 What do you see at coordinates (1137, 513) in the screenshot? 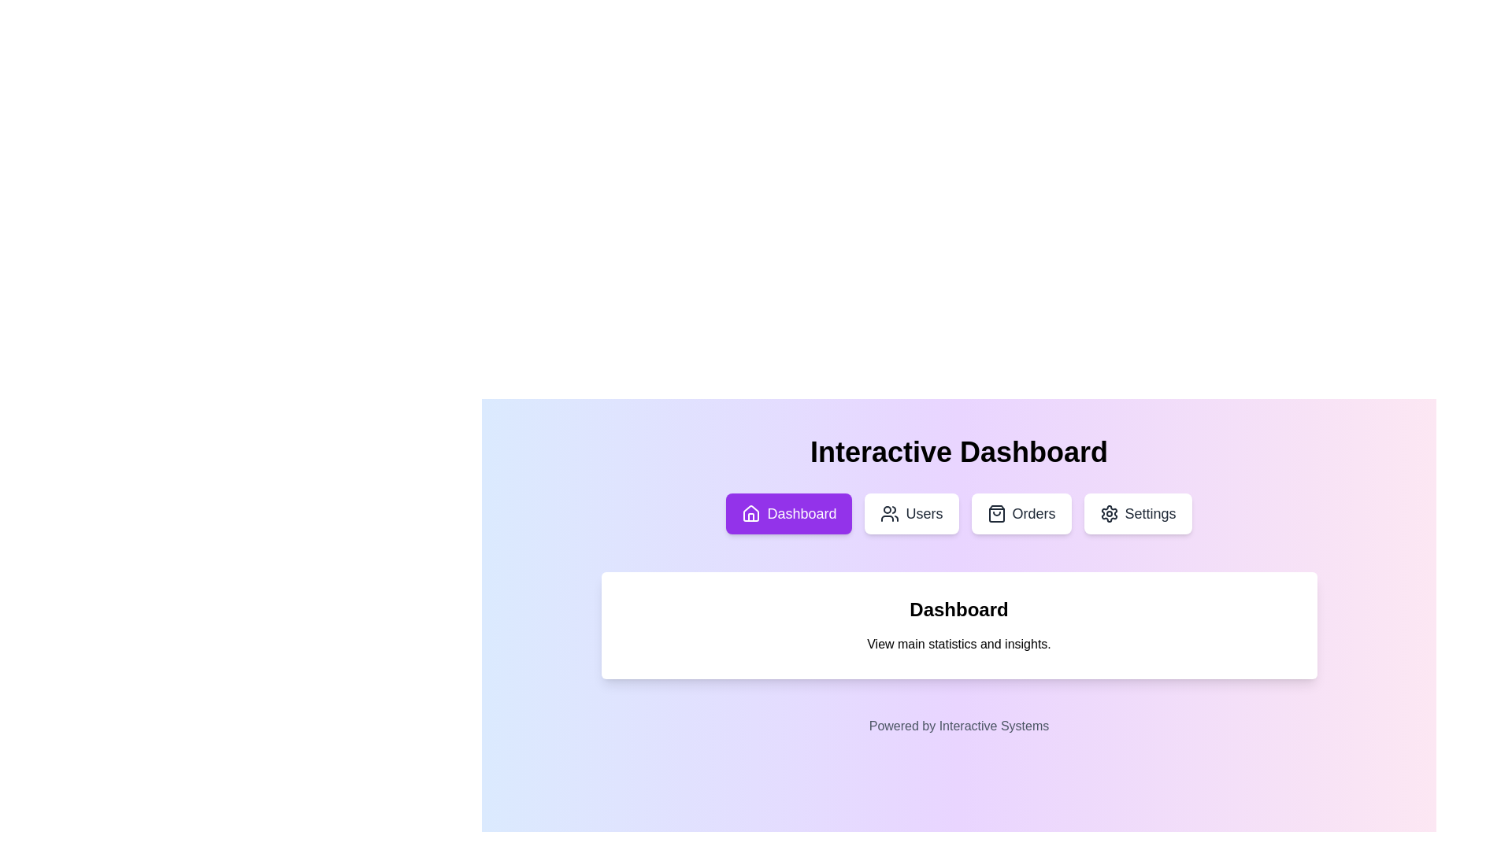
I see `the 'Settings' button` at bounding box center [1137, 513].